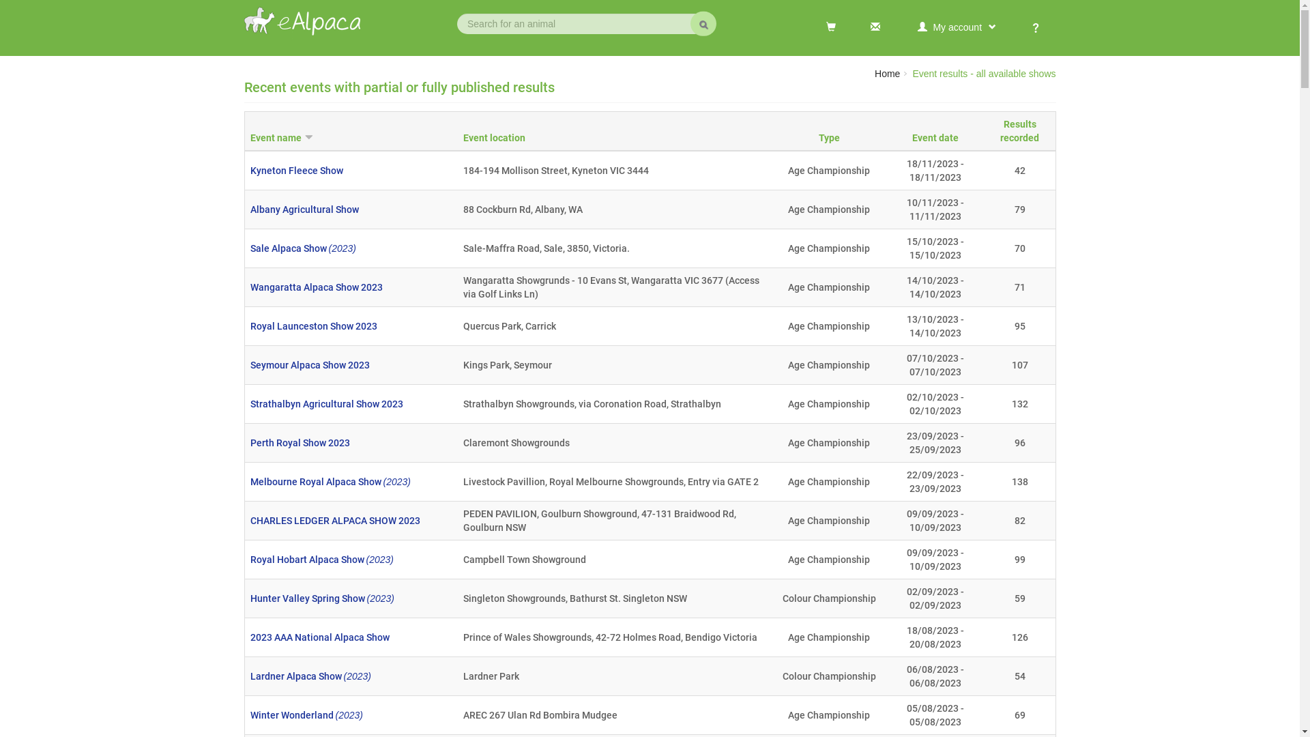 The height and width of the screenshot is (737, 1310). I want to click on 'Strathalbyn Agricultural Show 2023', so click(325, 403).